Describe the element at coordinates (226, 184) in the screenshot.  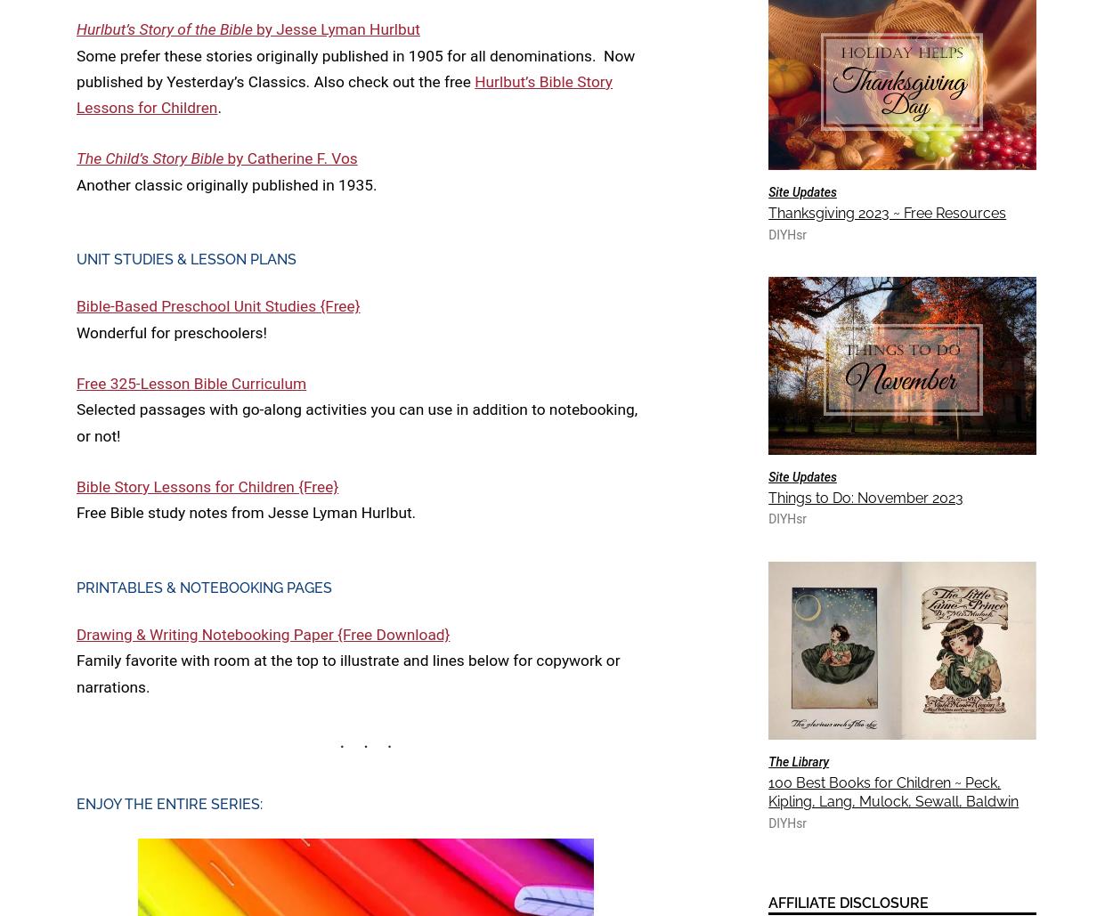
I see `'Another classic originally published in 1935.'` at that location.